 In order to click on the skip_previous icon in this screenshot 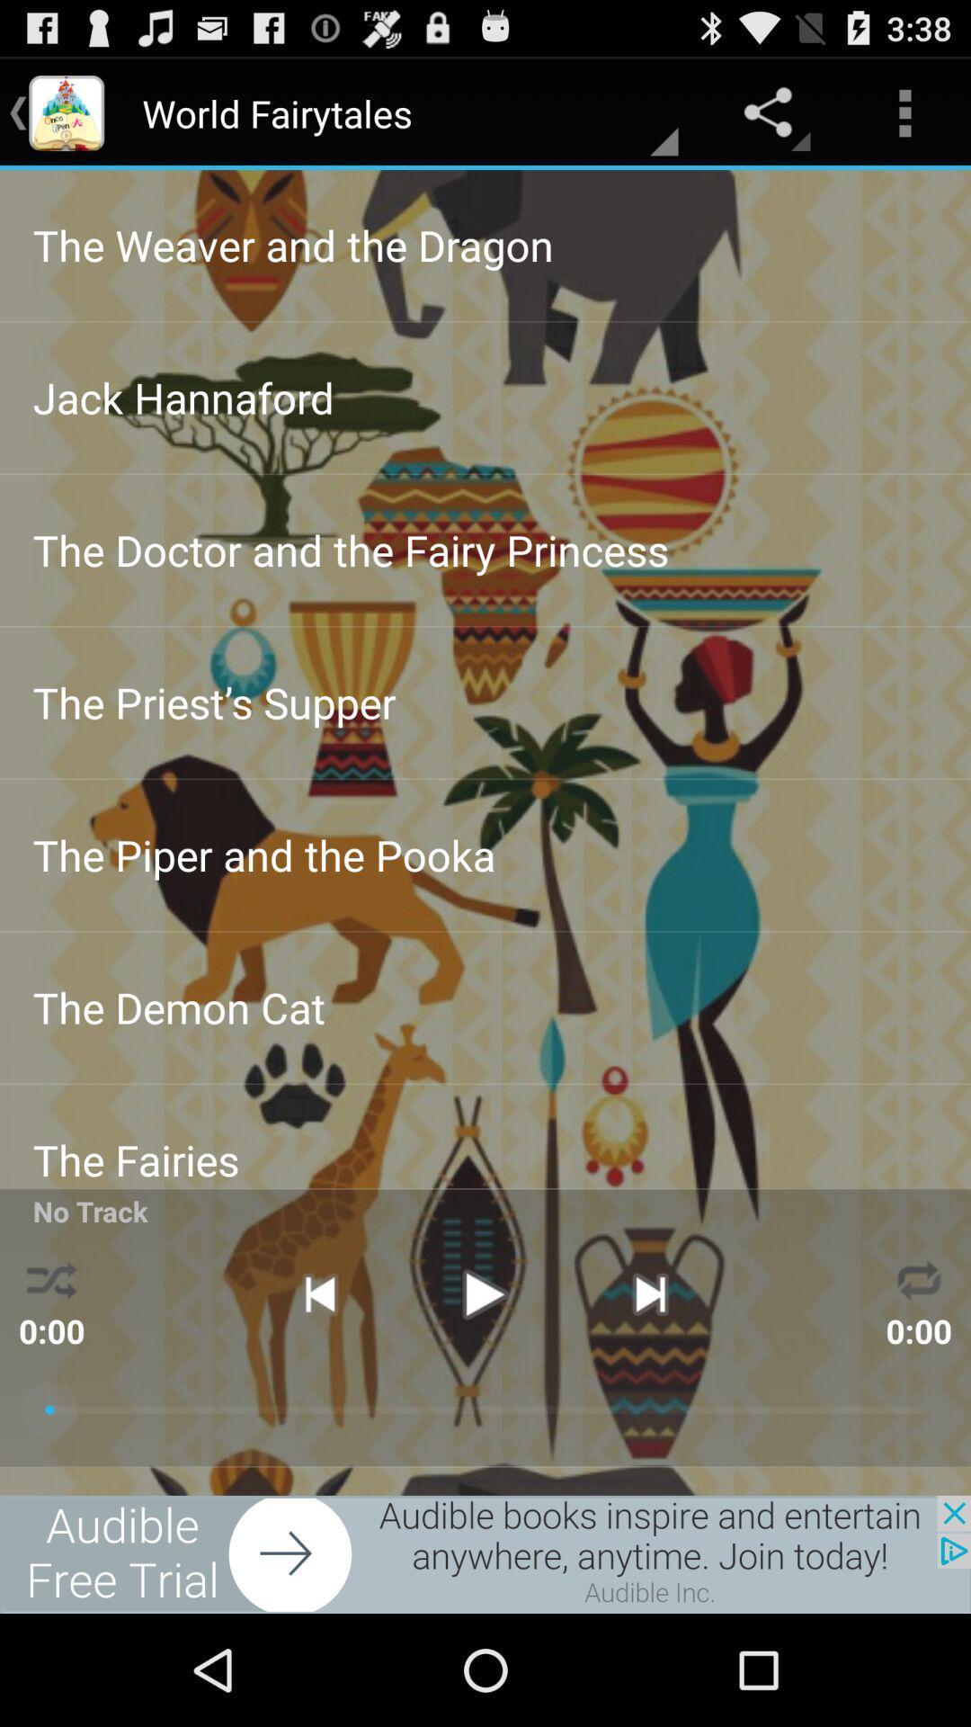, I will do `click(318, 1383)`.